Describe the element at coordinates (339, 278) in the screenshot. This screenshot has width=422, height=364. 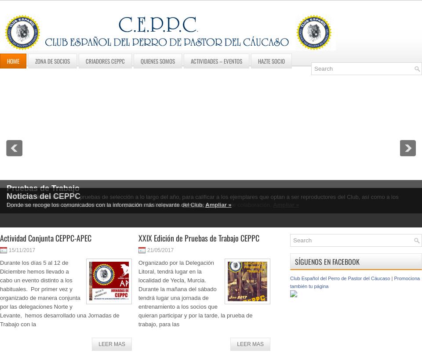
I see `'Club Español del Perro de Pastor del Cáucaso'` at that location.